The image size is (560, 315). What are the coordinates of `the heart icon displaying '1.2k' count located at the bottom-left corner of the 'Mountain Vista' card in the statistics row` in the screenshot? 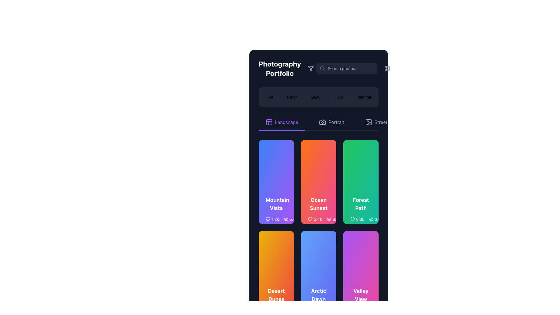 It's located at (272, 219).